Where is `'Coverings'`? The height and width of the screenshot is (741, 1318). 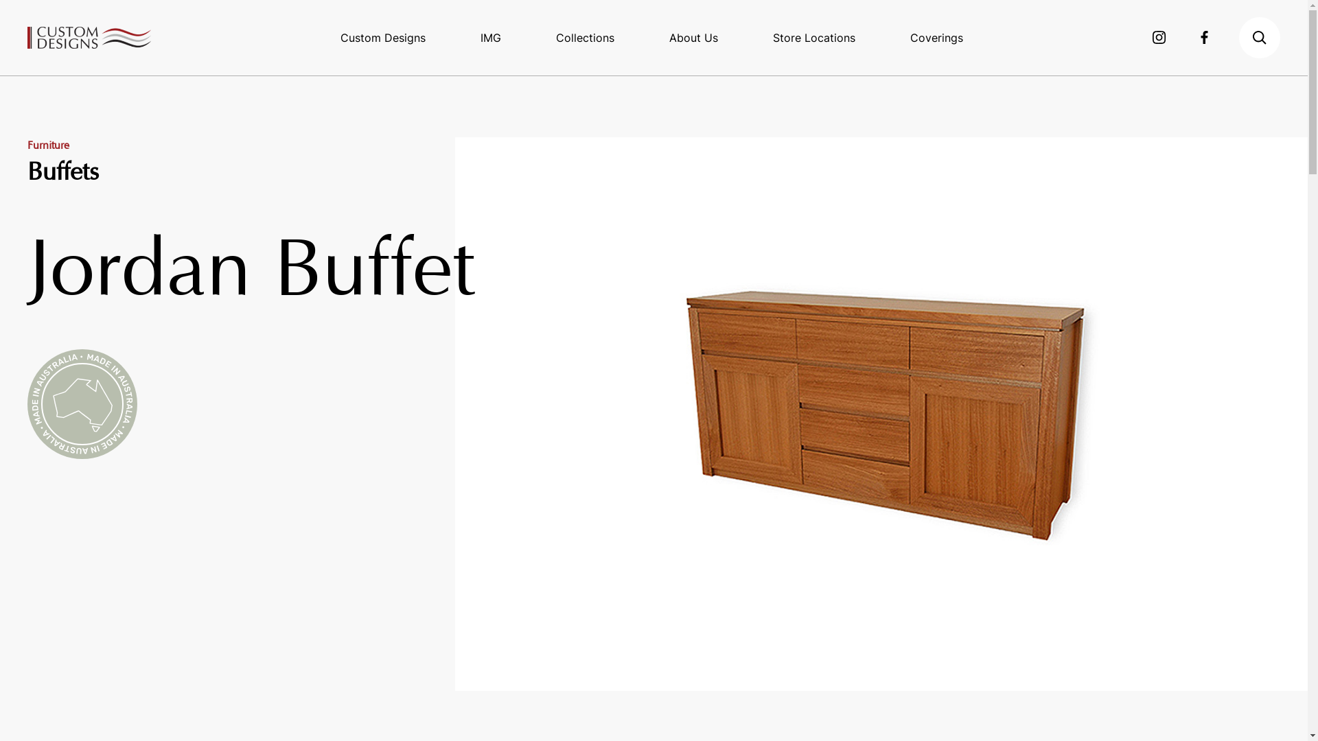 'Coverings' is located at coordinates (936, 36).